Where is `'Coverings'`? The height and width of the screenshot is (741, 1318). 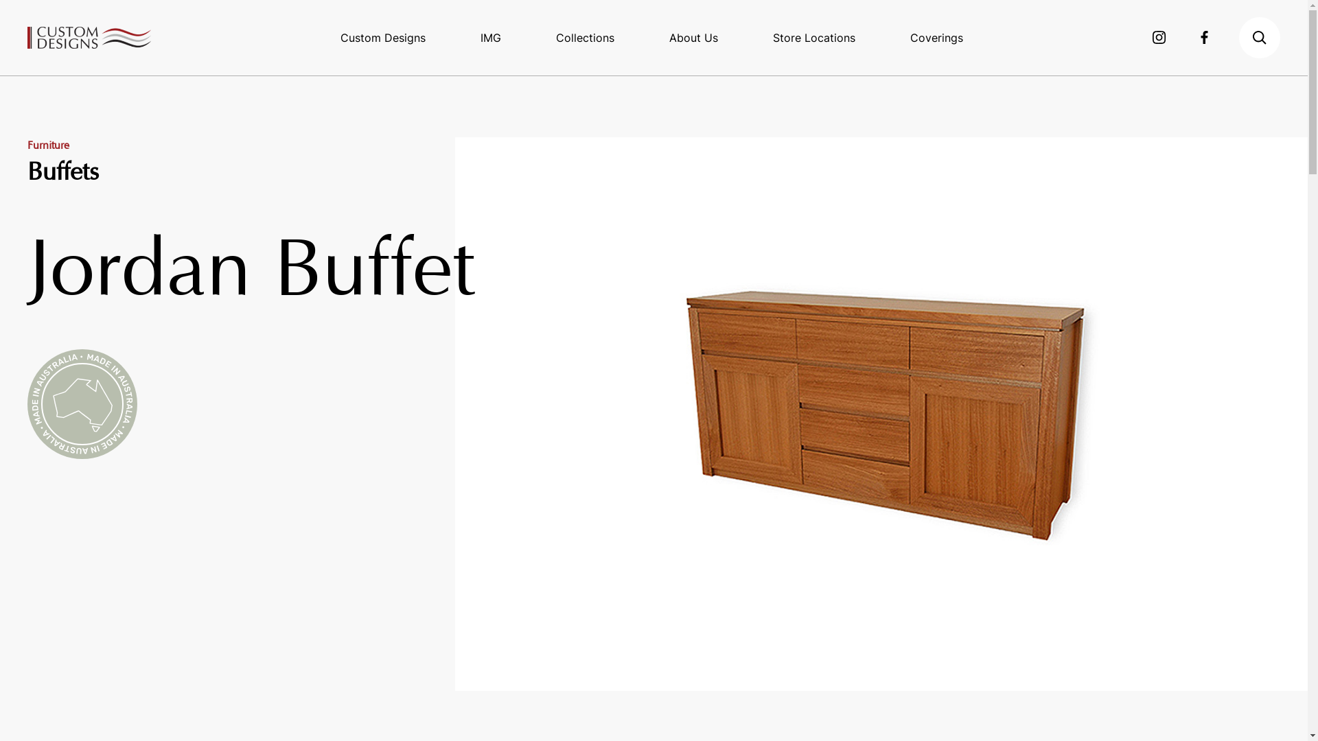 'Coverings' is located at coordinates (936, 36).